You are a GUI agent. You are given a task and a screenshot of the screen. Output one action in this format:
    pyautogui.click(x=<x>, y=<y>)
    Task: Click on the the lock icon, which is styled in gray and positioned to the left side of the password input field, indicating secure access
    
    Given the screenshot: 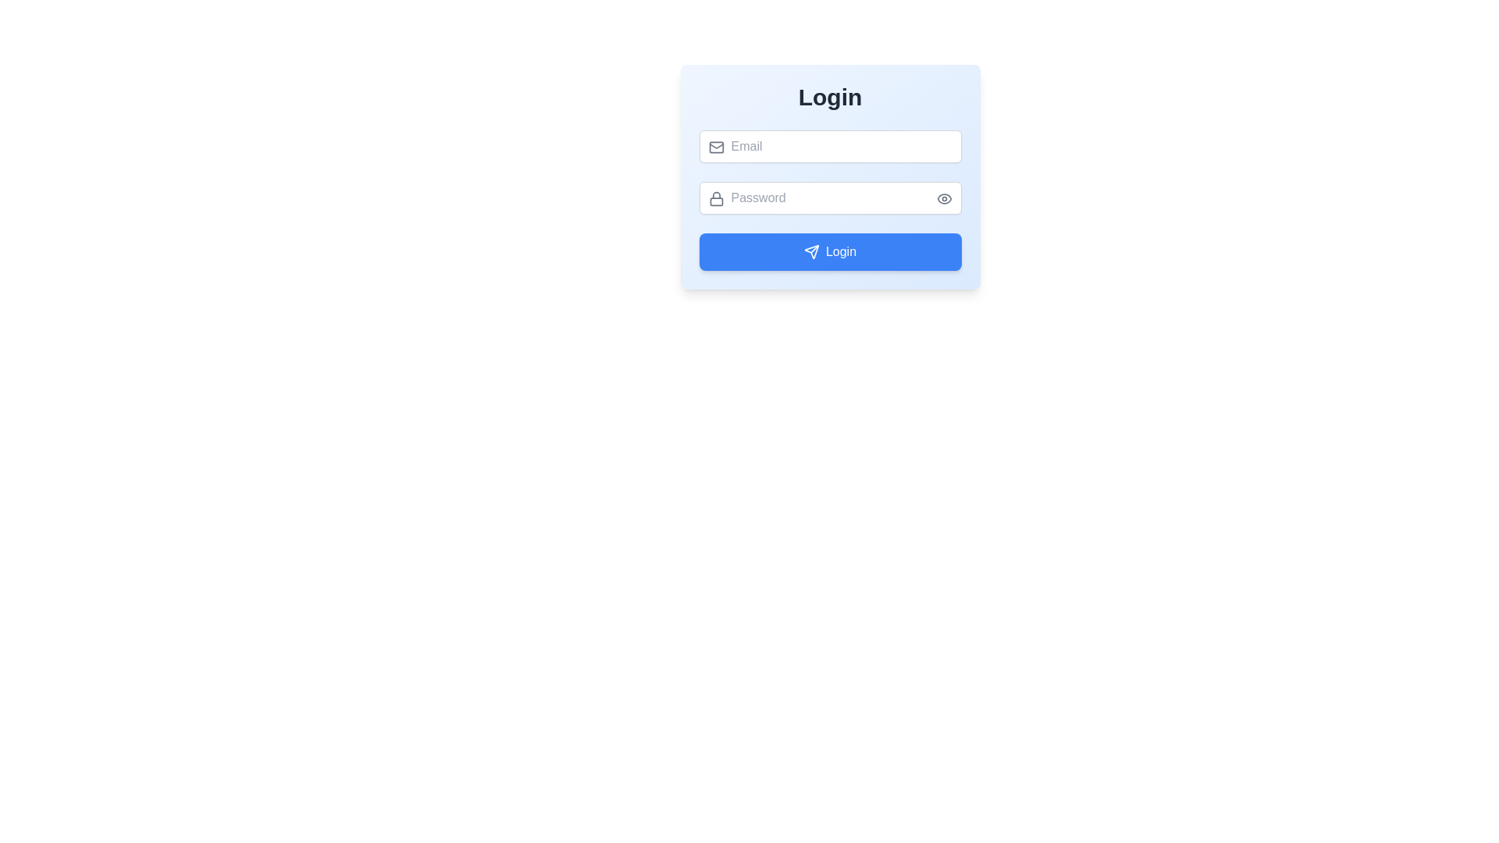 What is the action you would take?
    pyautogui.click(x=715, y=197)
    